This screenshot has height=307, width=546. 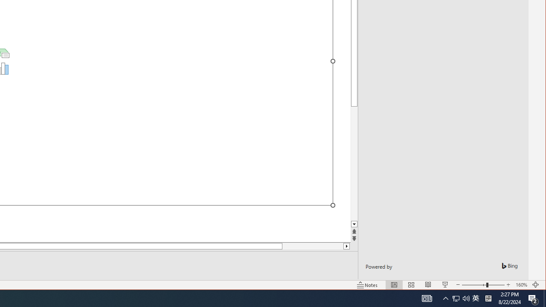 I want to click on 'Zoom 160%', so click(x=521, y=285).